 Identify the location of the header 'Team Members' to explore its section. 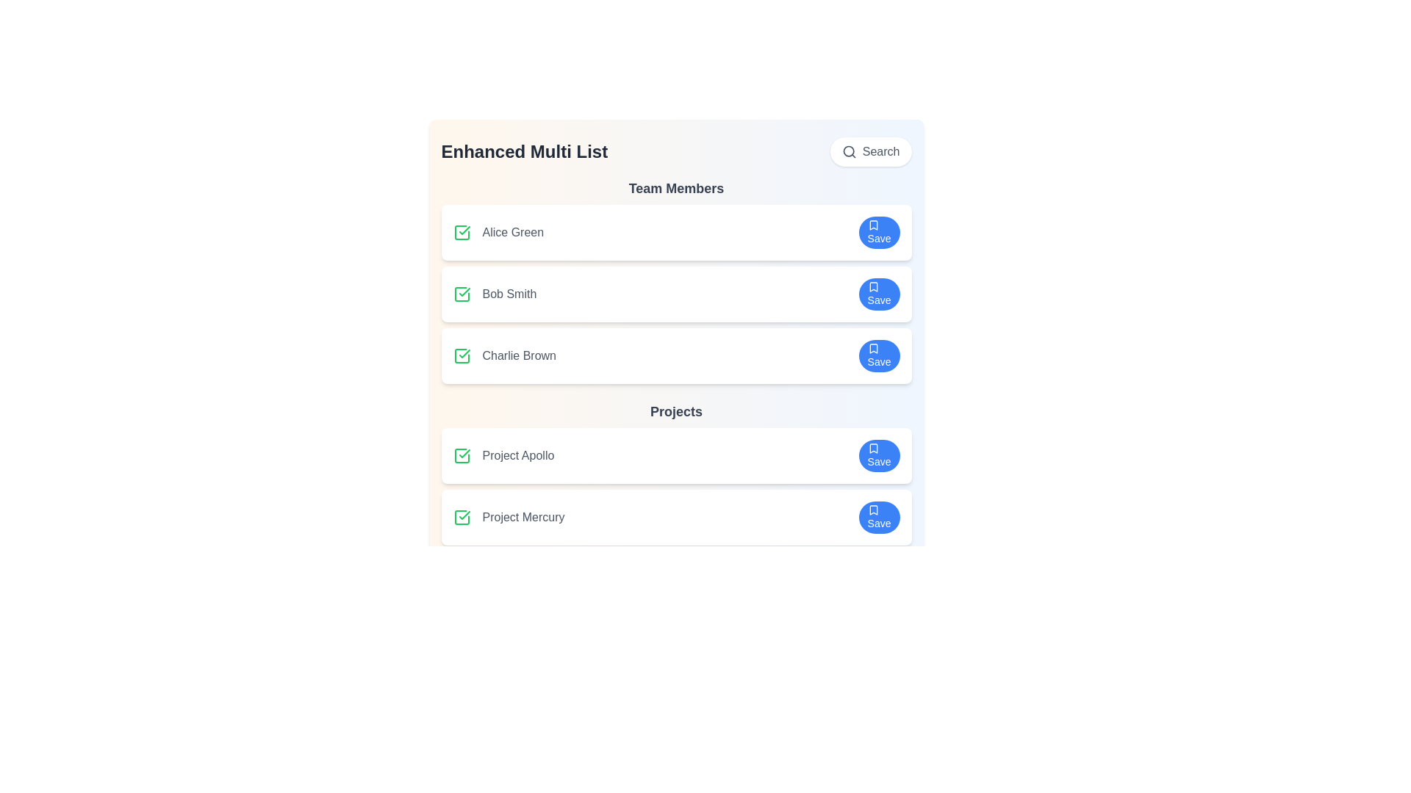
(675, 188).